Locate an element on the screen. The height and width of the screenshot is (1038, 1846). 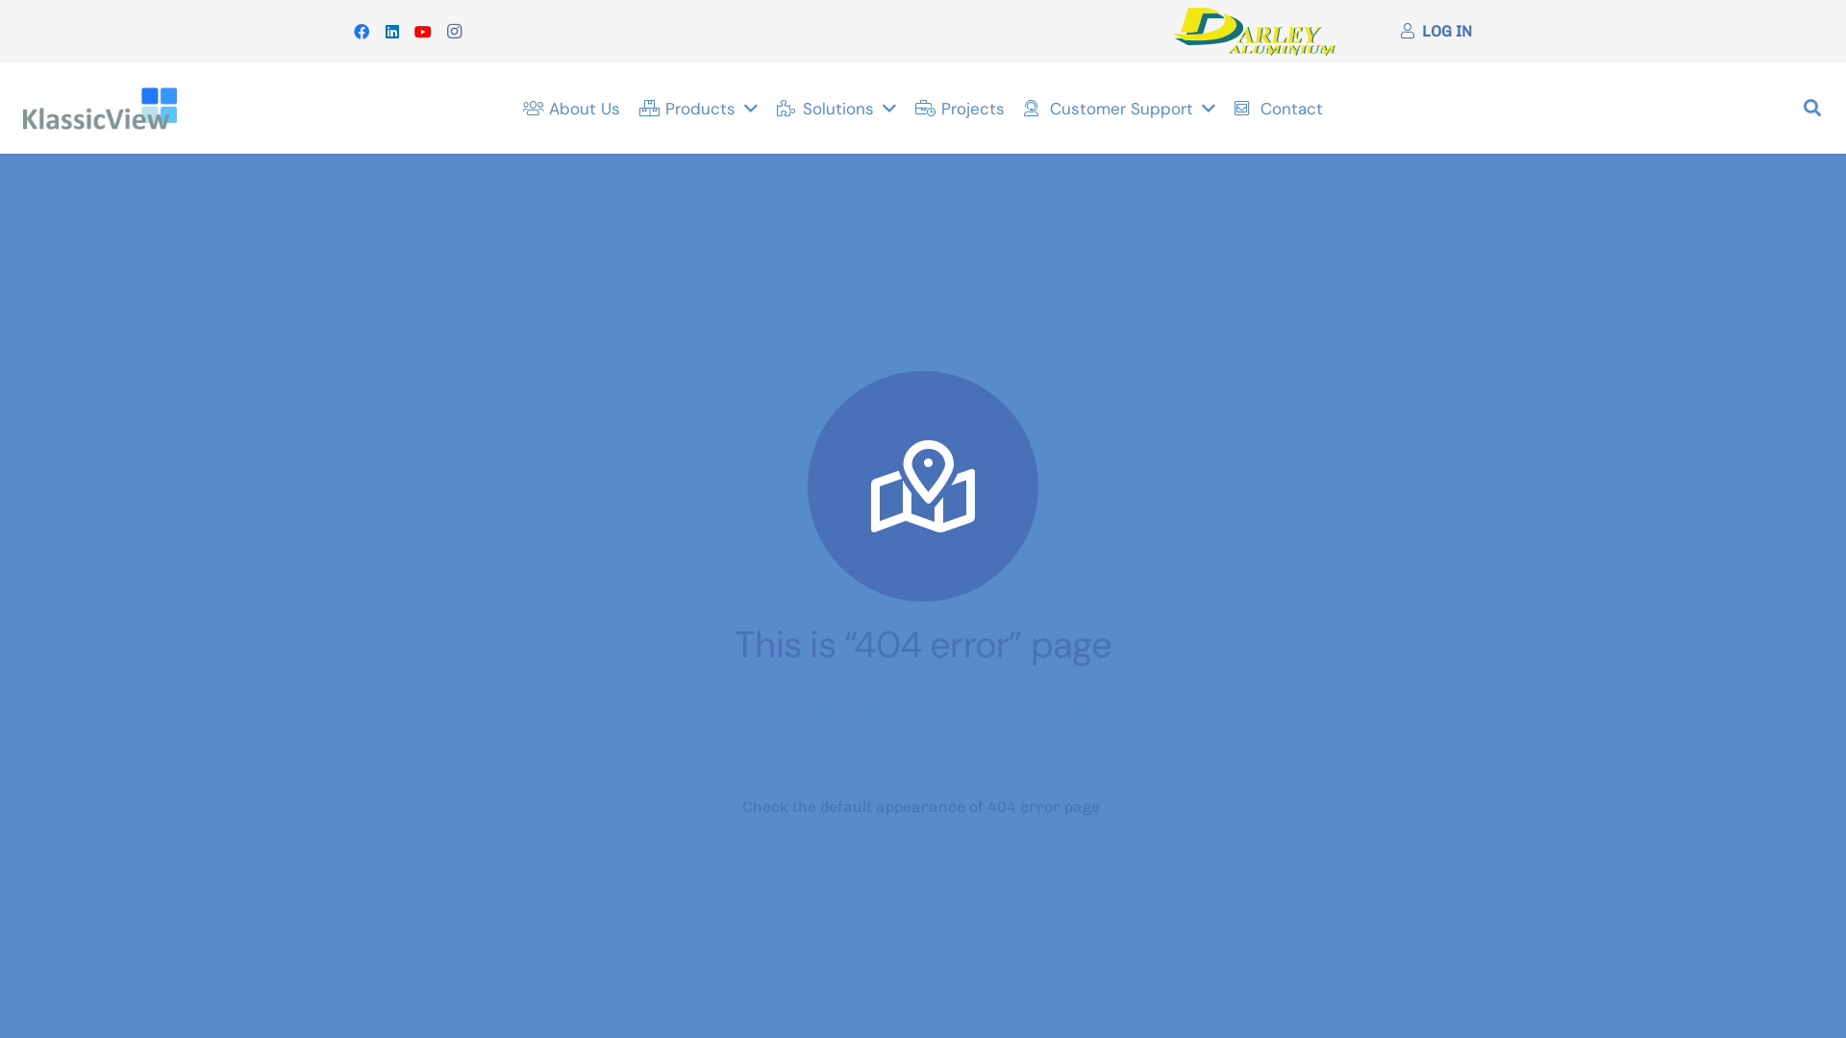
'Products' is located at coordinates (697, 108).